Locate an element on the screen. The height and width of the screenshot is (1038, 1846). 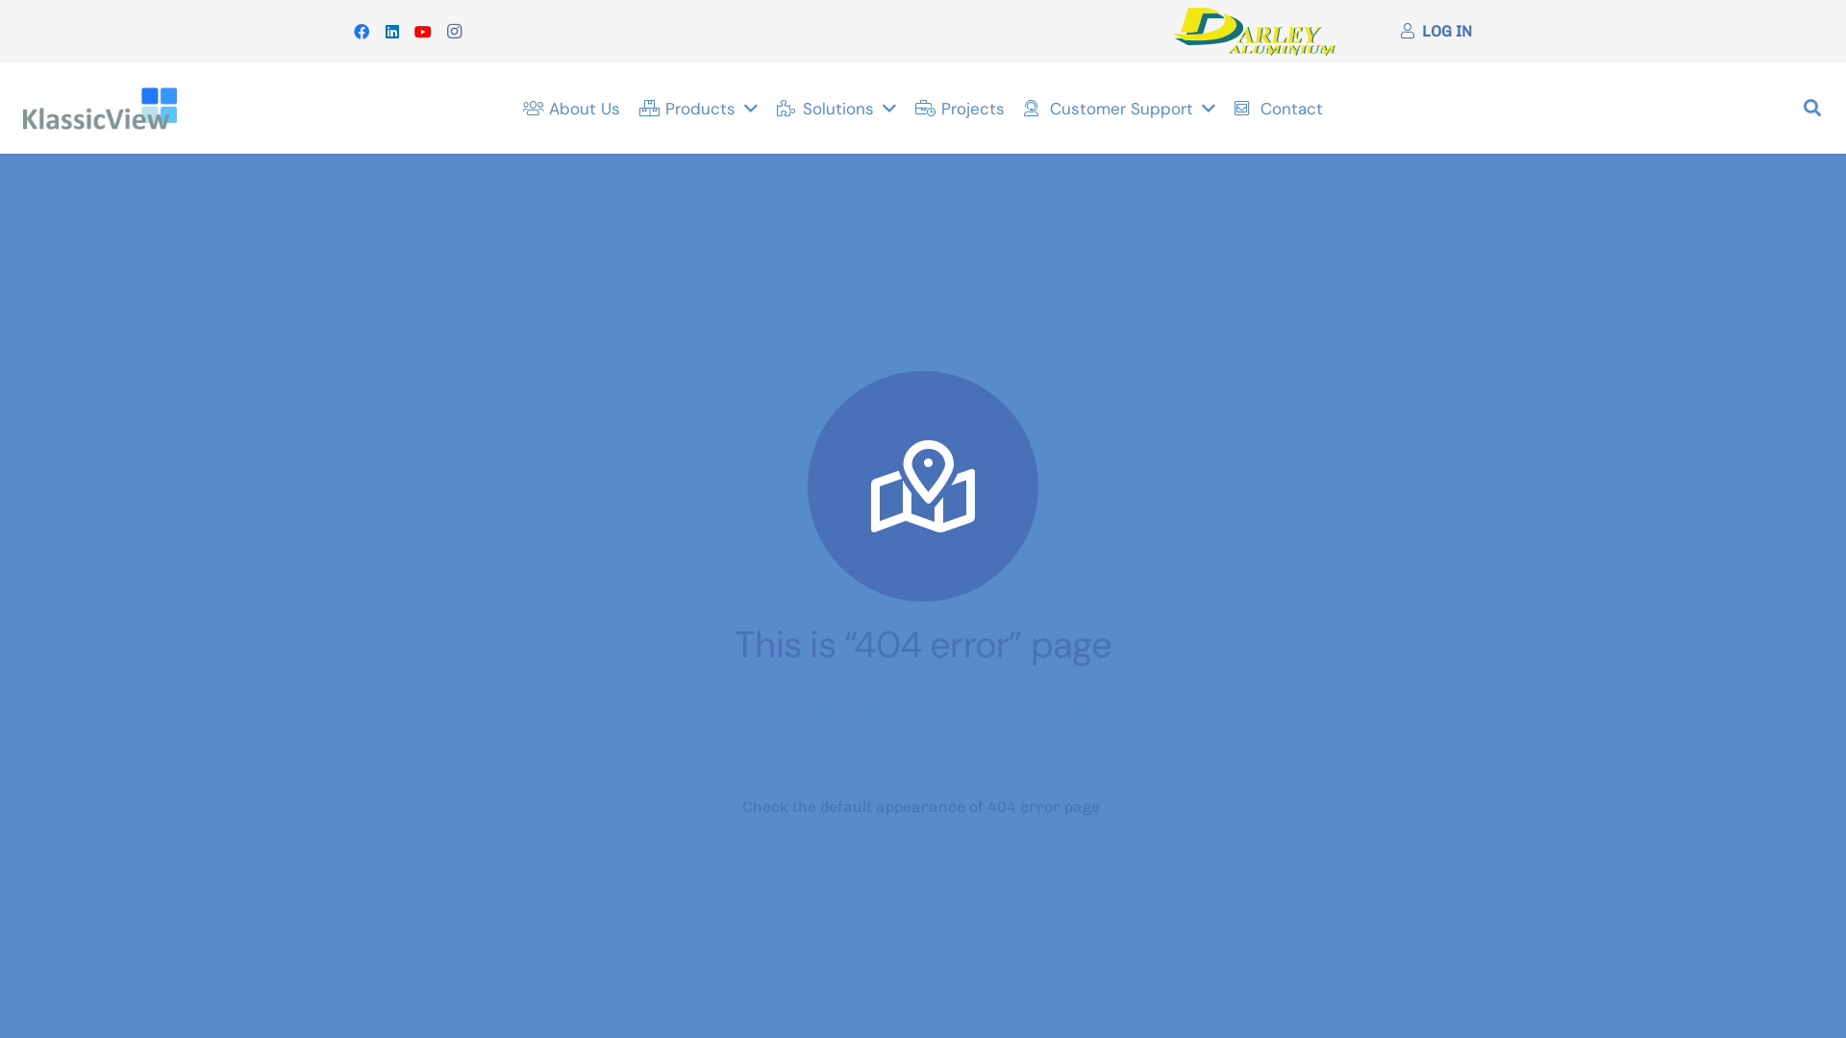
'Products' is located at coordinates (697, 108).